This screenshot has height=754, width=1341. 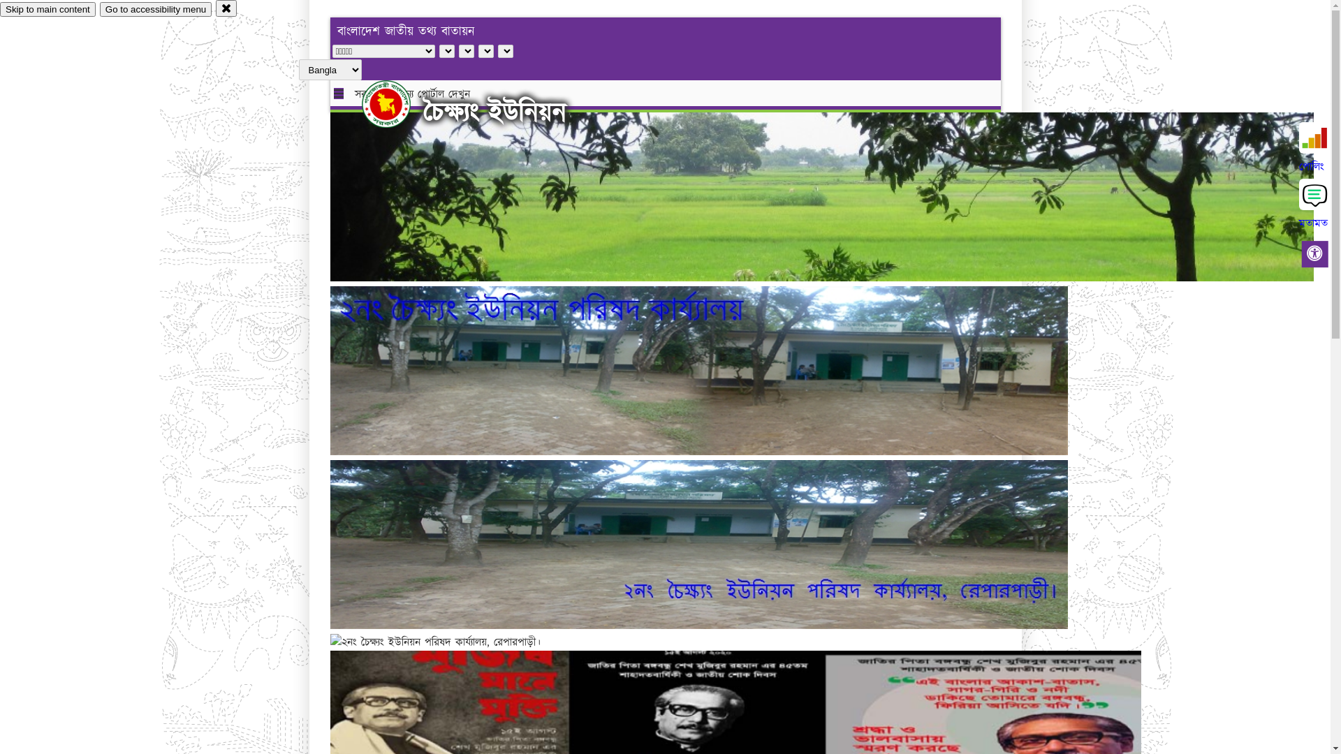 I want to click on 'Go to accessibility menu', so click(x=155, y=9).